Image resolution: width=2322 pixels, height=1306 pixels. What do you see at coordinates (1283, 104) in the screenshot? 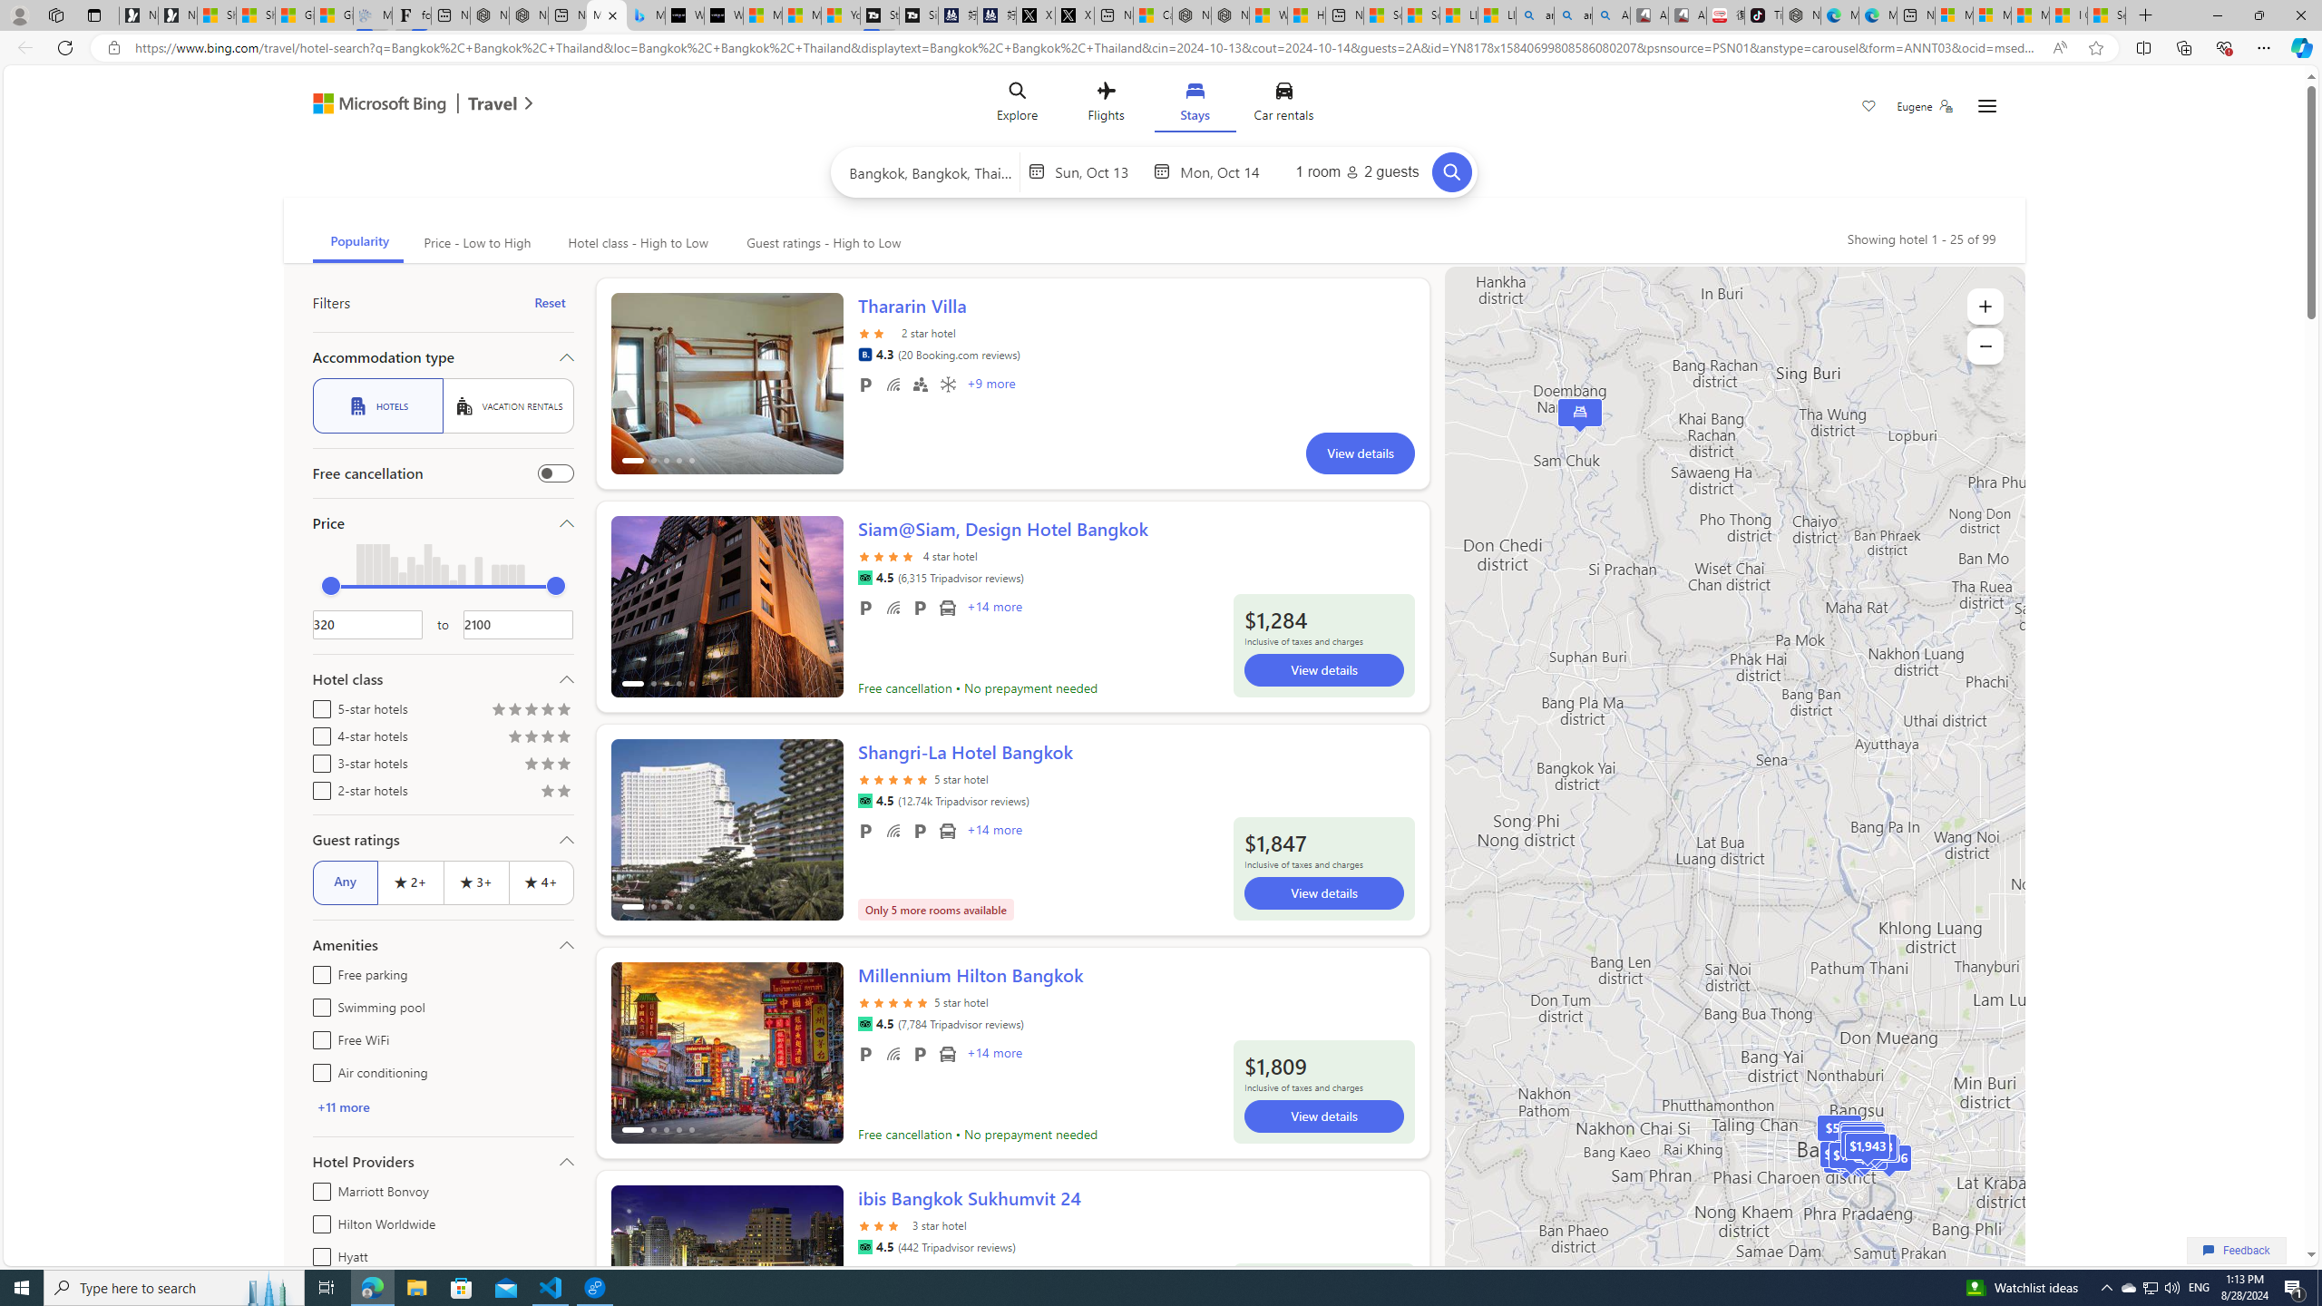
I see `'Car rentals'` at bounding box center [1283, 104].